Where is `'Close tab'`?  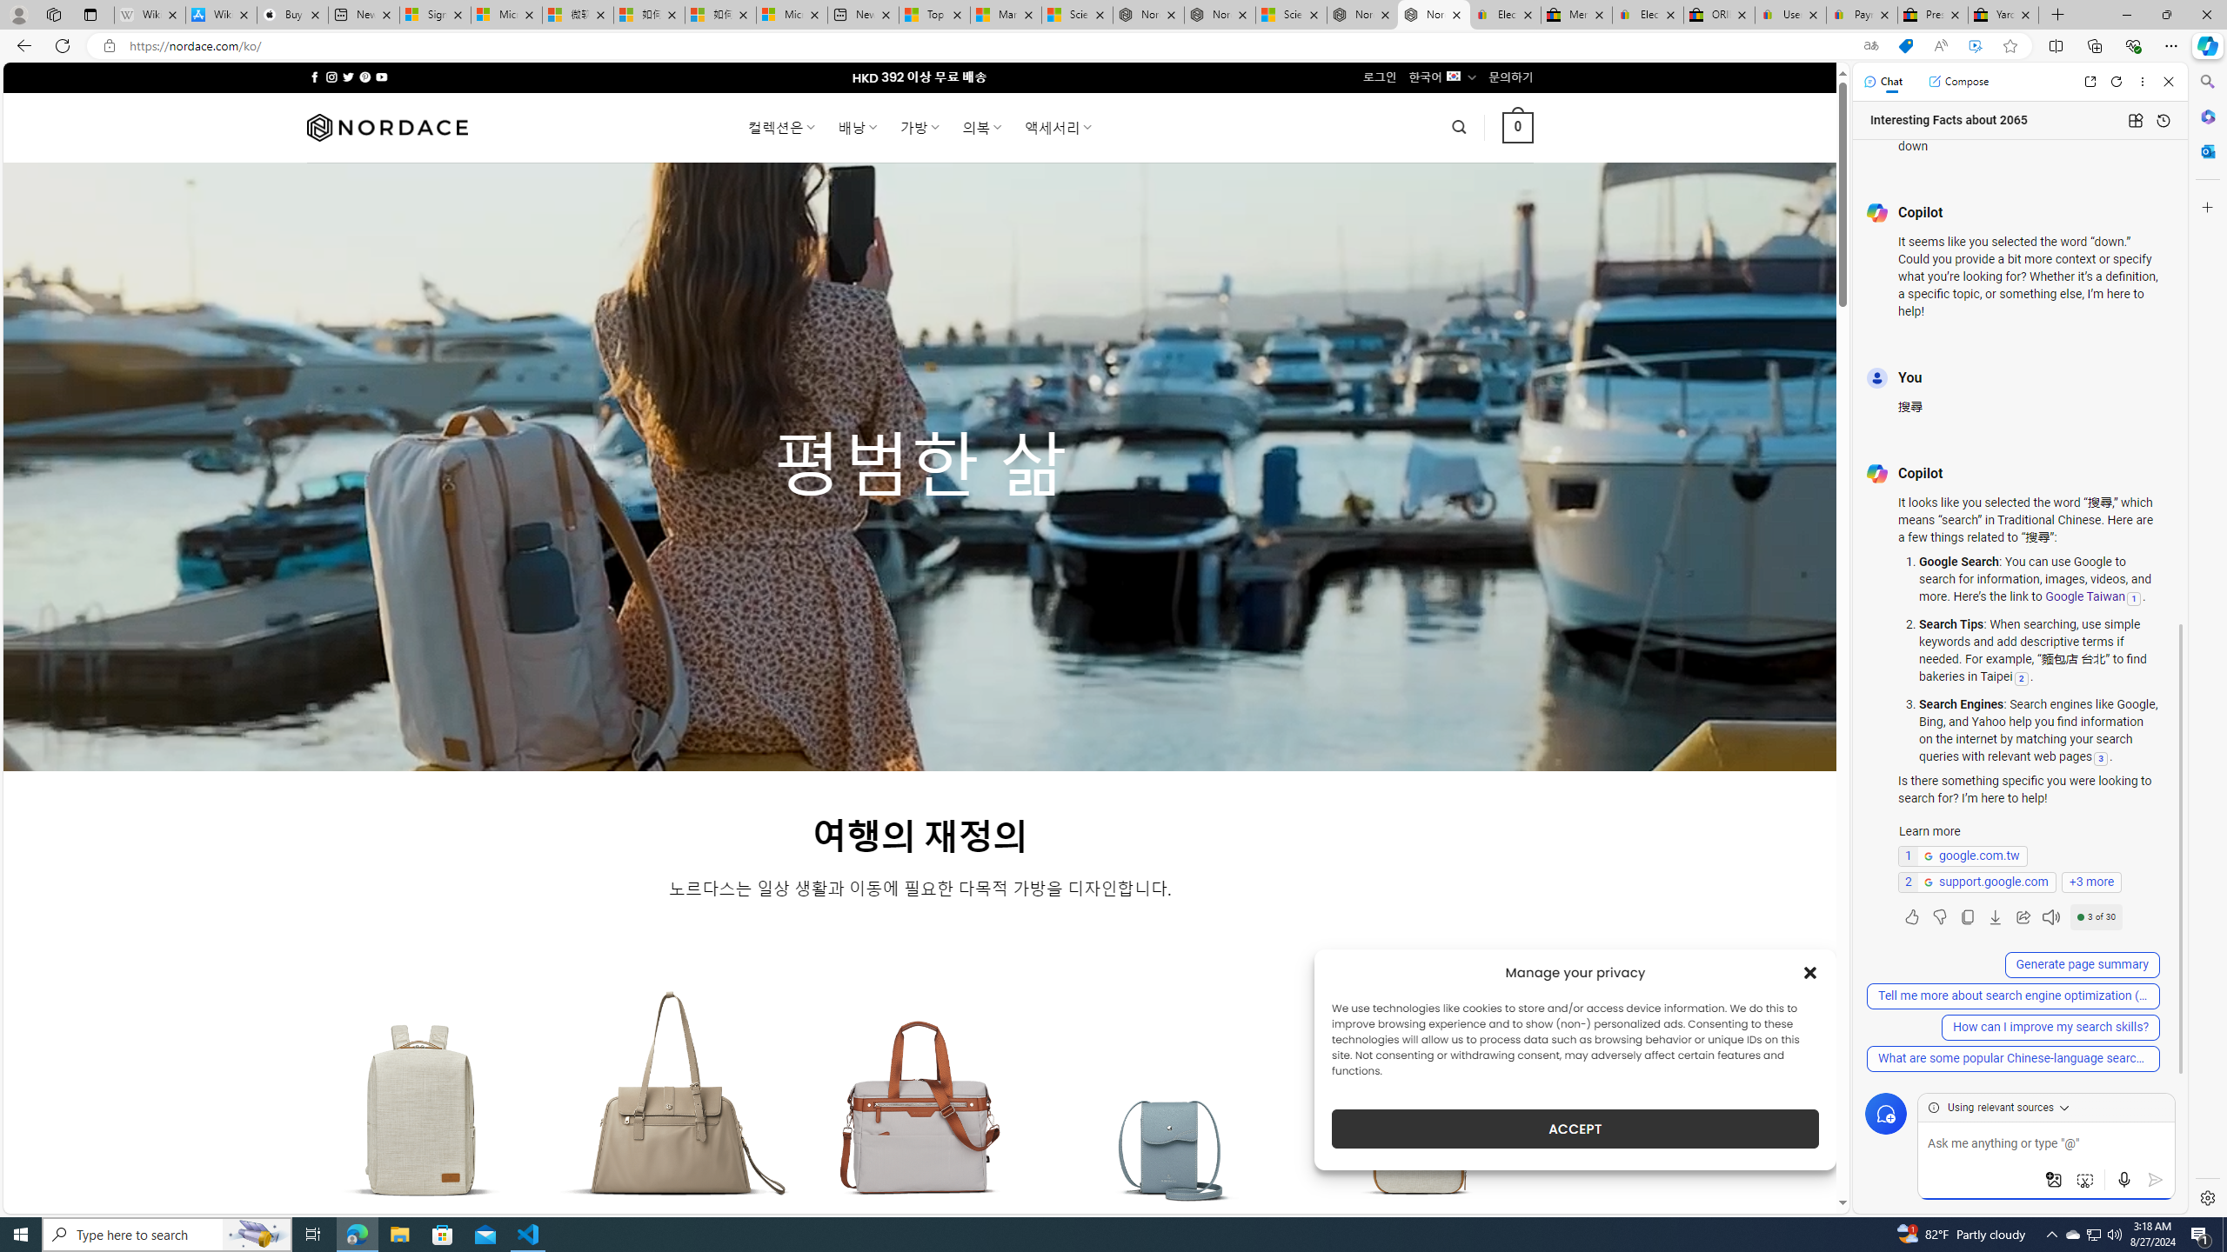 'Close tab' is located at coordinates (2024, 14).